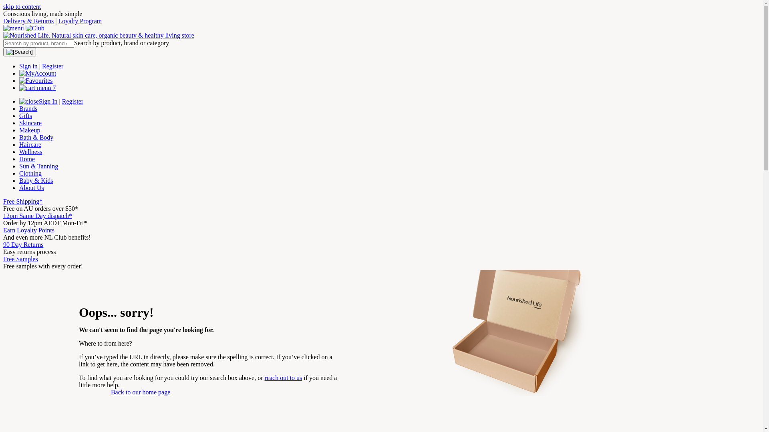 Image resolution: width=769 pixels, height=432 pixels. Describe the element at coordinates (30, 173) in the screenshot. I see `'Clothing'` at that location.